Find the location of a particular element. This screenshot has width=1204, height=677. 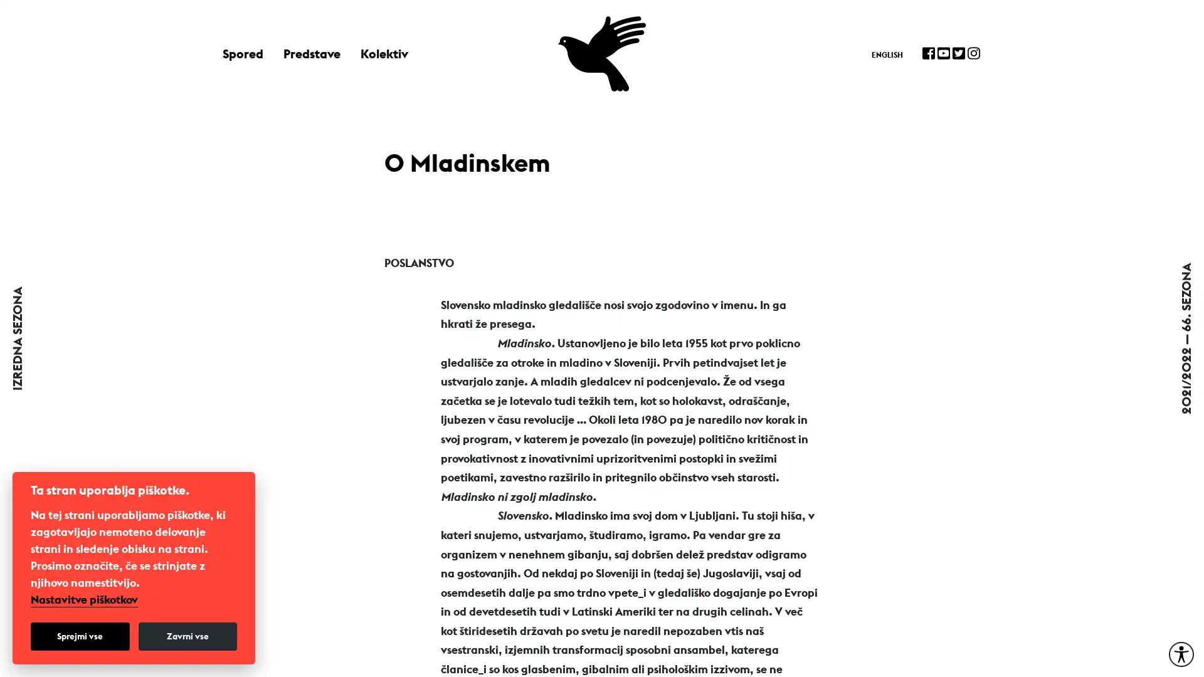

Moznosti za dostopnost is located at coordinates (1180, 654).